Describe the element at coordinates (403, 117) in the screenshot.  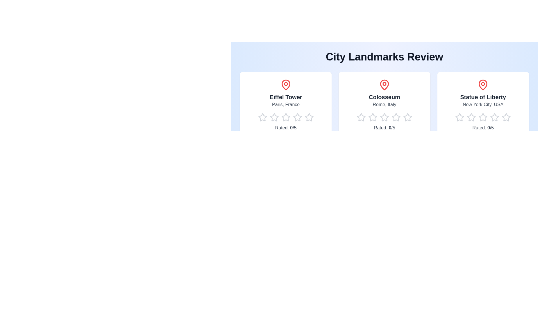
I see `the star corresponding to 5 for the landmark Colosseum` at that location.